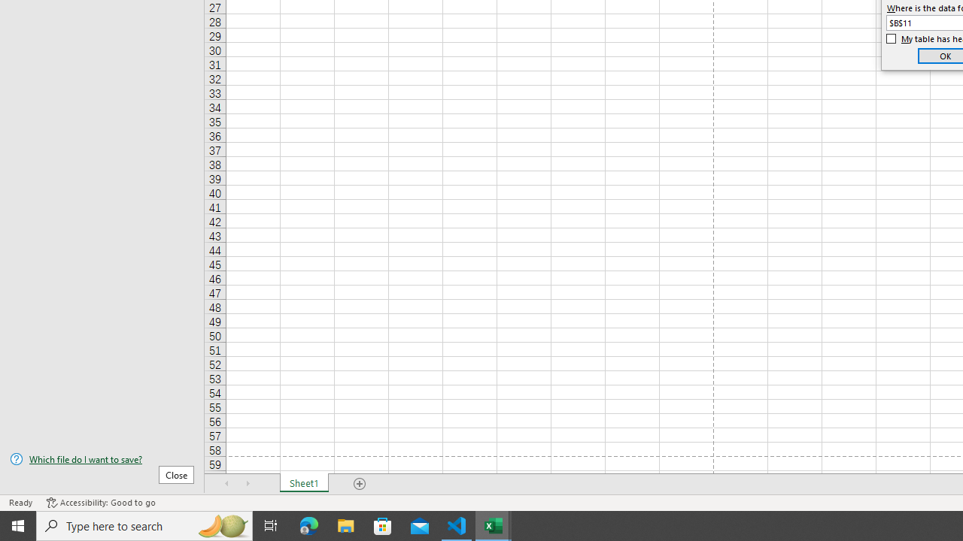 The height and width of the screenshot is (541, 963). What do you see at coordinates (100, 503) in the screenshot?
I see `'Accessibility Checker Accessibility: Good to go'` at bounding box center [100, 503].